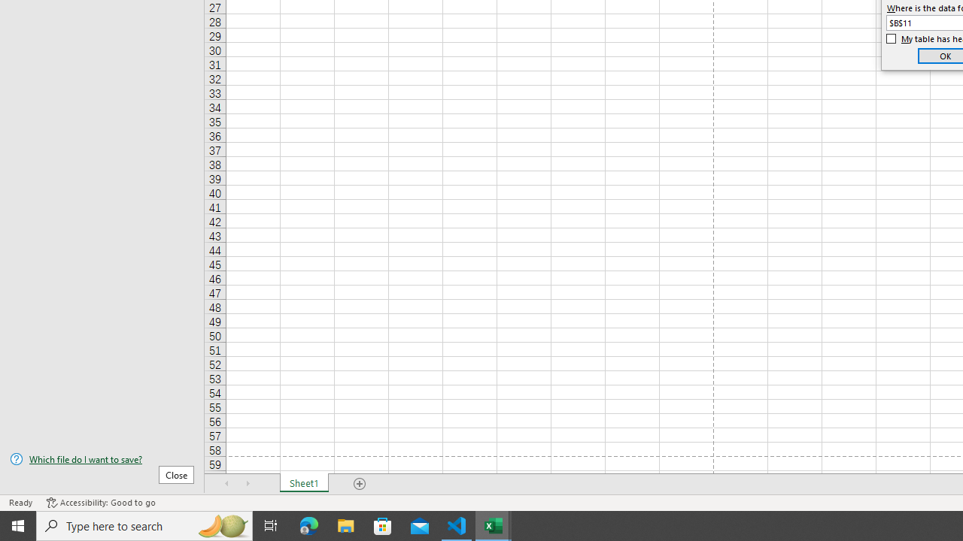 The height and width of the screenshot is (541, 963). What do you see at coordinates (100, 503) in the screenshot?
I see `'Accessibility Checker Accessibility: Good to go'` at bounding box center [100, 503].